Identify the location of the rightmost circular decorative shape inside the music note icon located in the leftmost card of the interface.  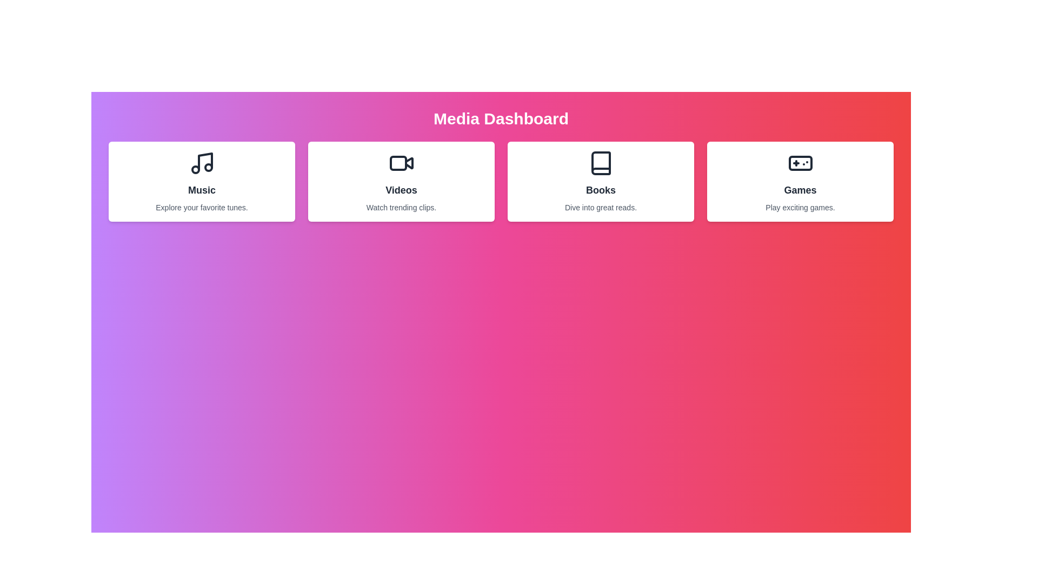
(208, 167).